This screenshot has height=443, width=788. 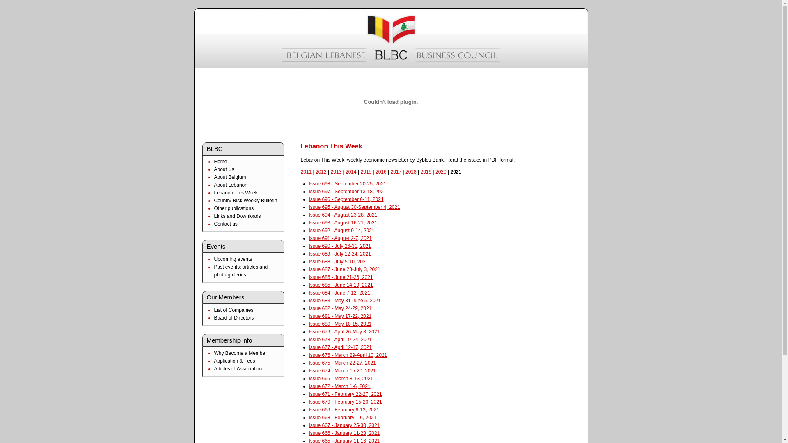 What do you see at coordinates (240, 352) in the screenshot?
I see `'Why Become a Member'` at bounding box center [240, 352].